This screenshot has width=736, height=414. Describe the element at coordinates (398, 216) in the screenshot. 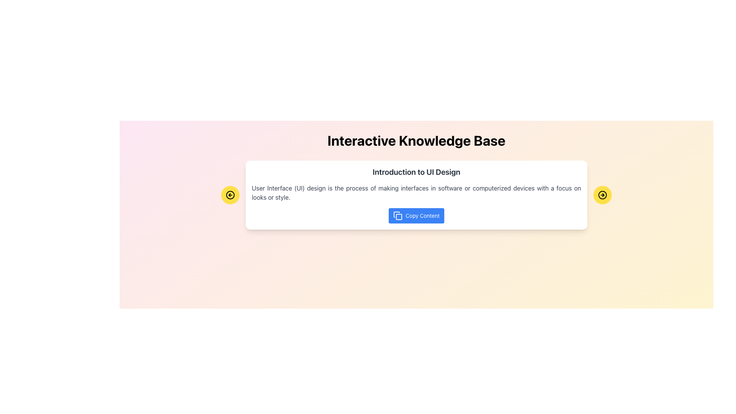

I see `the 'Copy' icon located to the left of the 'Copy Content' text within the blue button at the bottom of the main content box` at that location.